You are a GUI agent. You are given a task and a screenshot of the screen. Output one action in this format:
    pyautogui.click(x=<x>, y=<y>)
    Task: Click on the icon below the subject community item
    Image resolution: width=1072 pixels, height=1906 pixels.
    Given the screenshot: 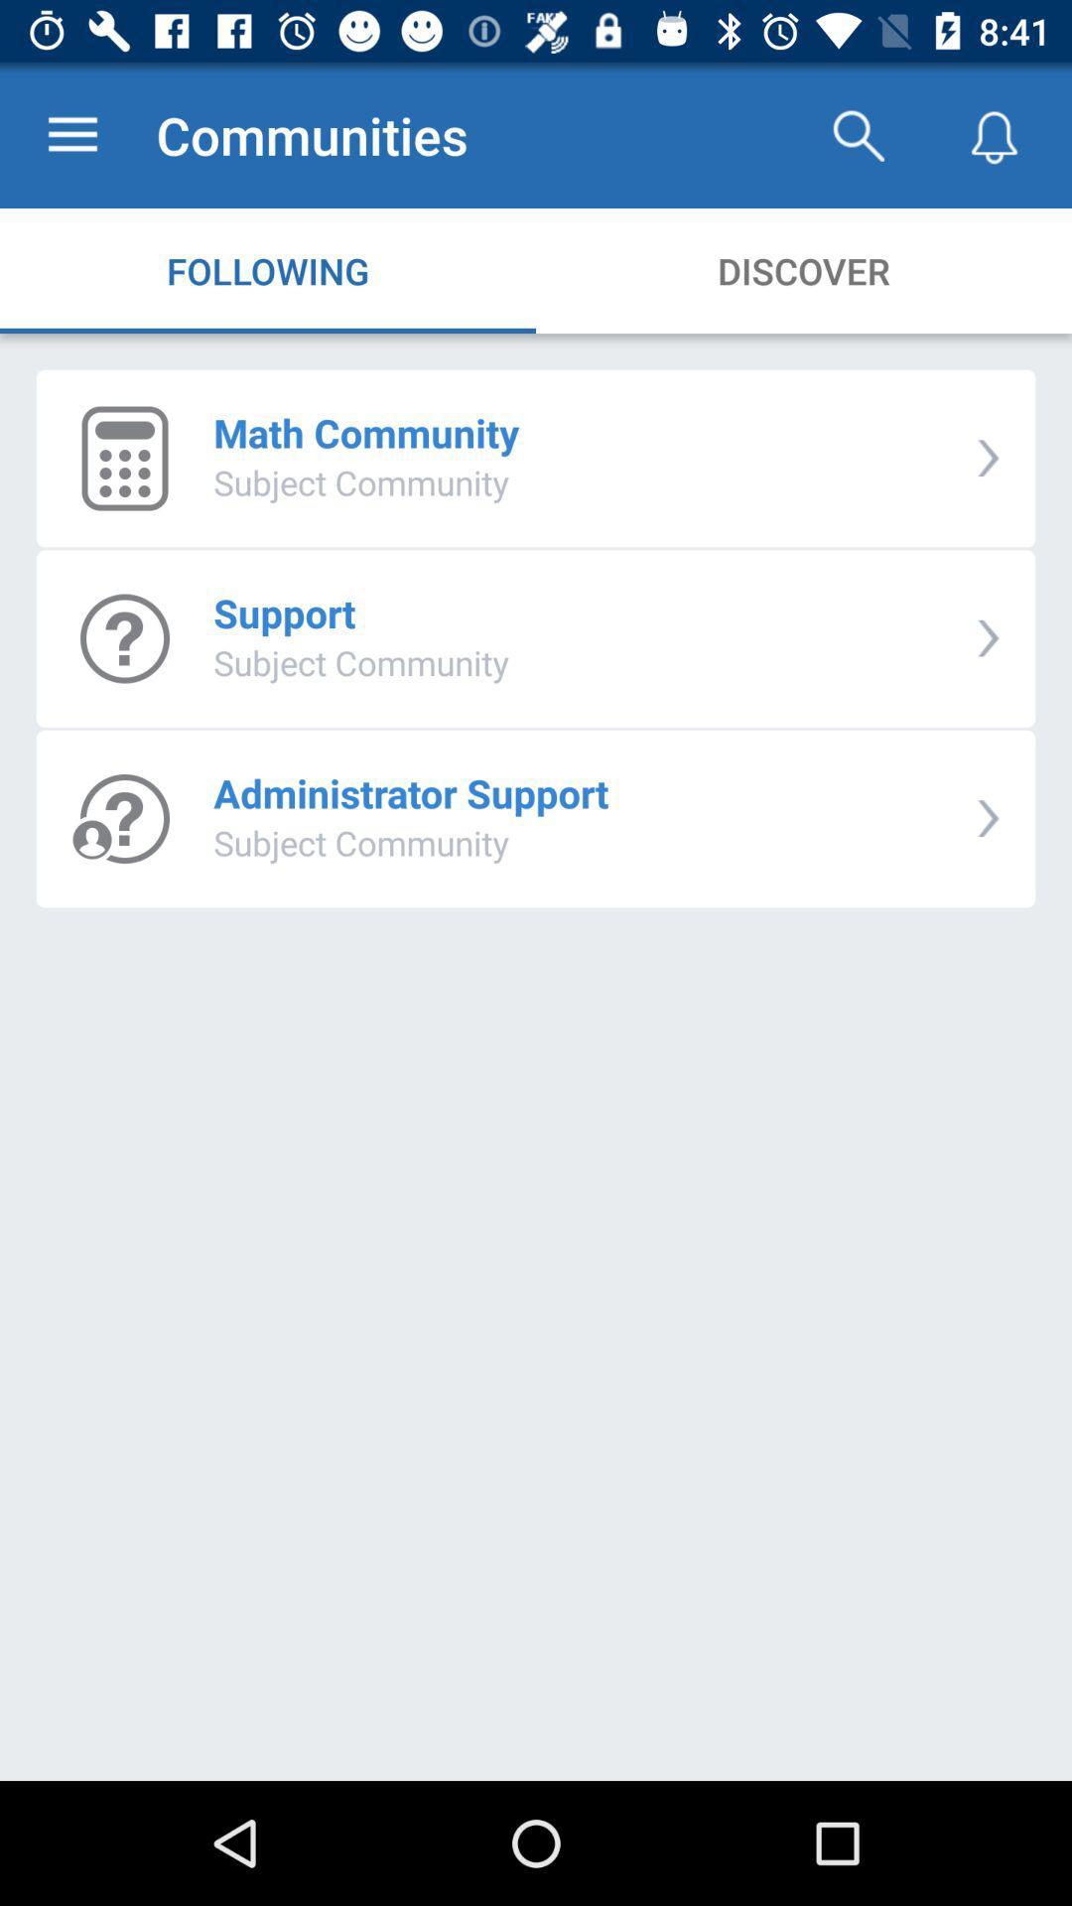 What is the action you would take?
    pyautogui.click(x=410, y=792)
    